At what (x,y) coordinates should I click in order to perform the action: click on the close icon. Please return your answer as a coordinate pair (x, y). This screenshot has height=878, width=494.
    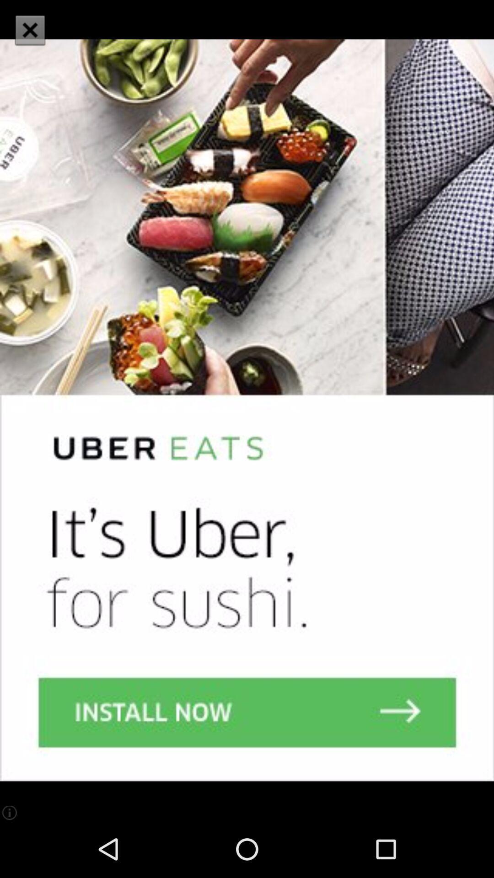
    Looking at the image, I should click on (29, 32).